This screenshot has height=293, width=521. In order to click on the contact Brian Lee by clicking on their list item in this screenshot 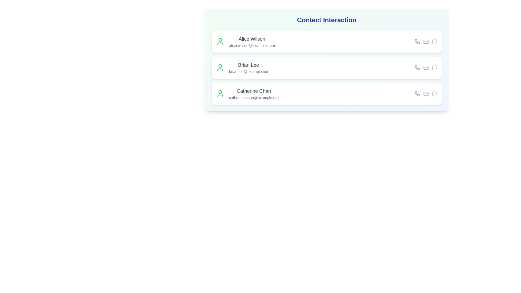, I will do `click(326, 68)`.